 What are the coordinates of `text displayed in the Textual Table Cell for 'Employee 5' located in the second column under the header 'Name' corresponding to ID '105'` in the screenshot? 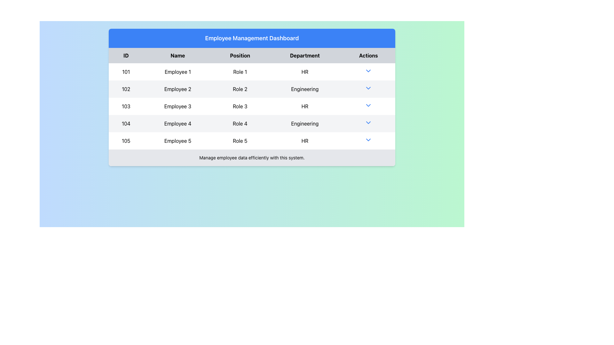 It's located at (178, 140).